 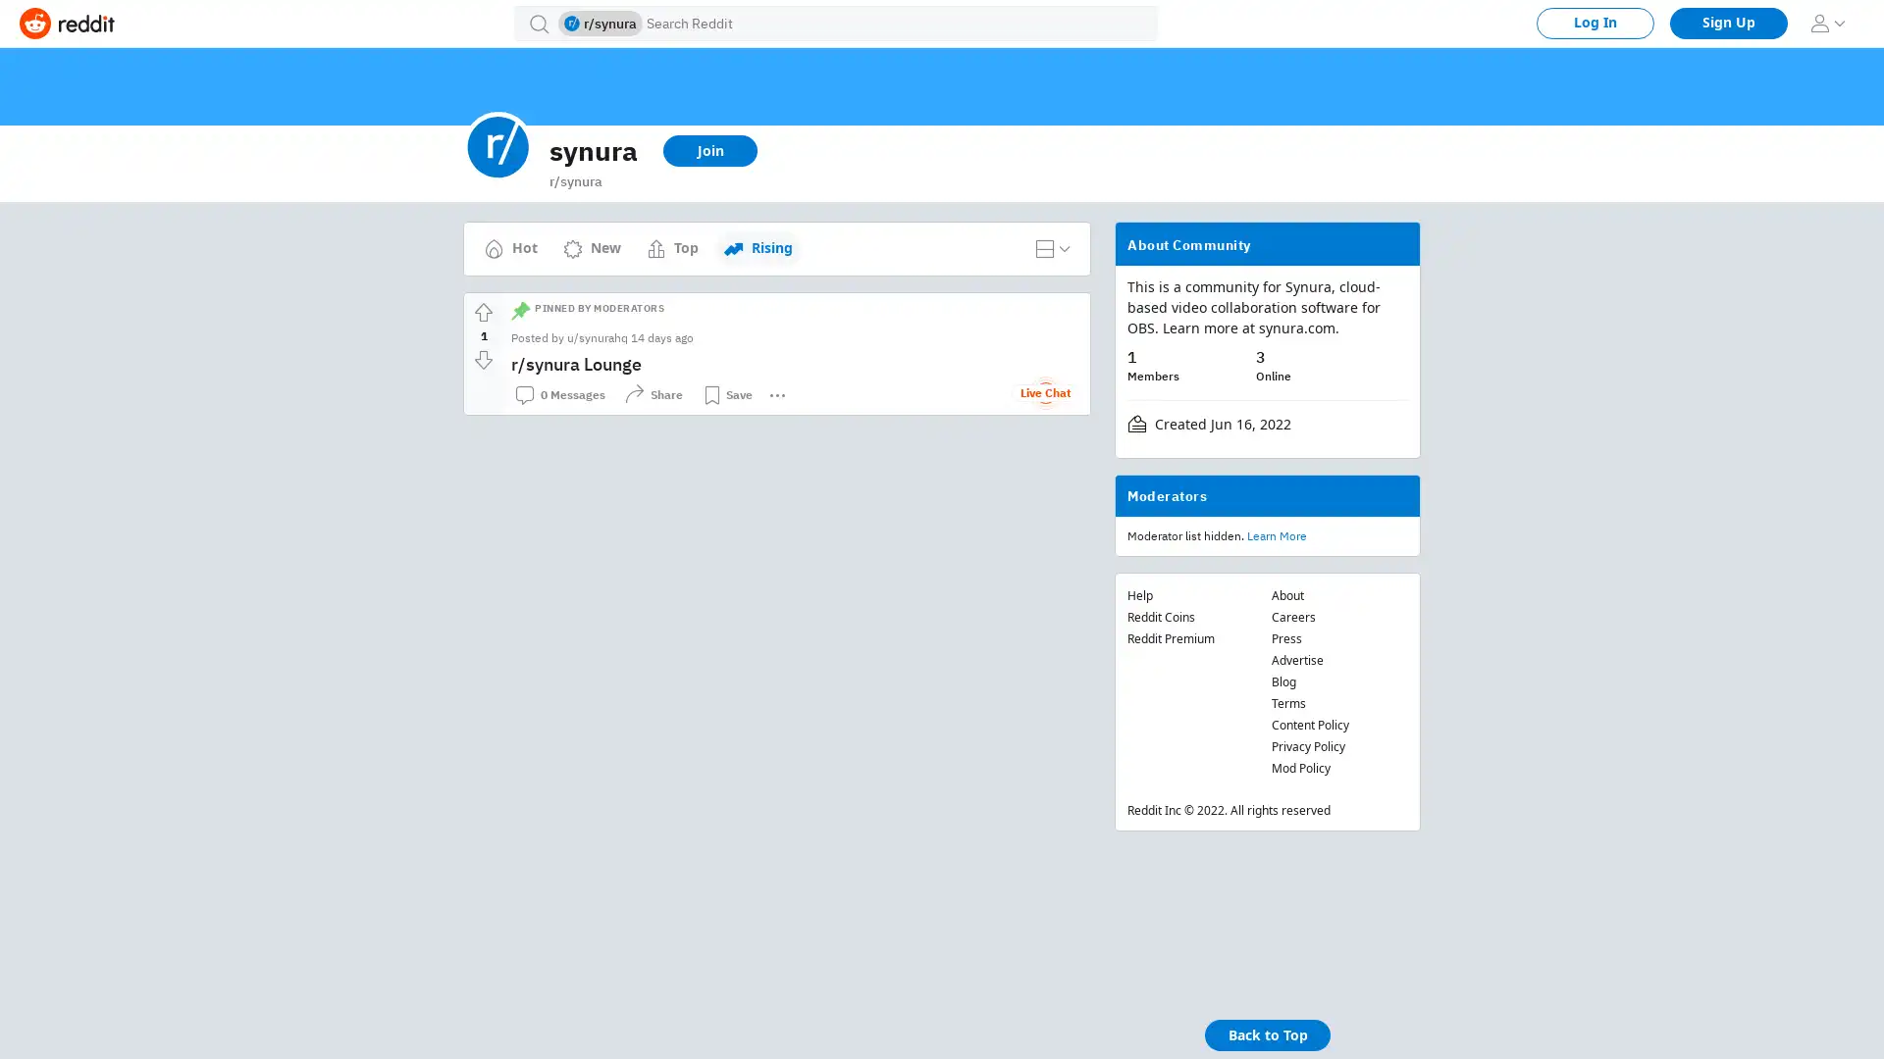 I want to click on Top, so click(x=672, y=248).